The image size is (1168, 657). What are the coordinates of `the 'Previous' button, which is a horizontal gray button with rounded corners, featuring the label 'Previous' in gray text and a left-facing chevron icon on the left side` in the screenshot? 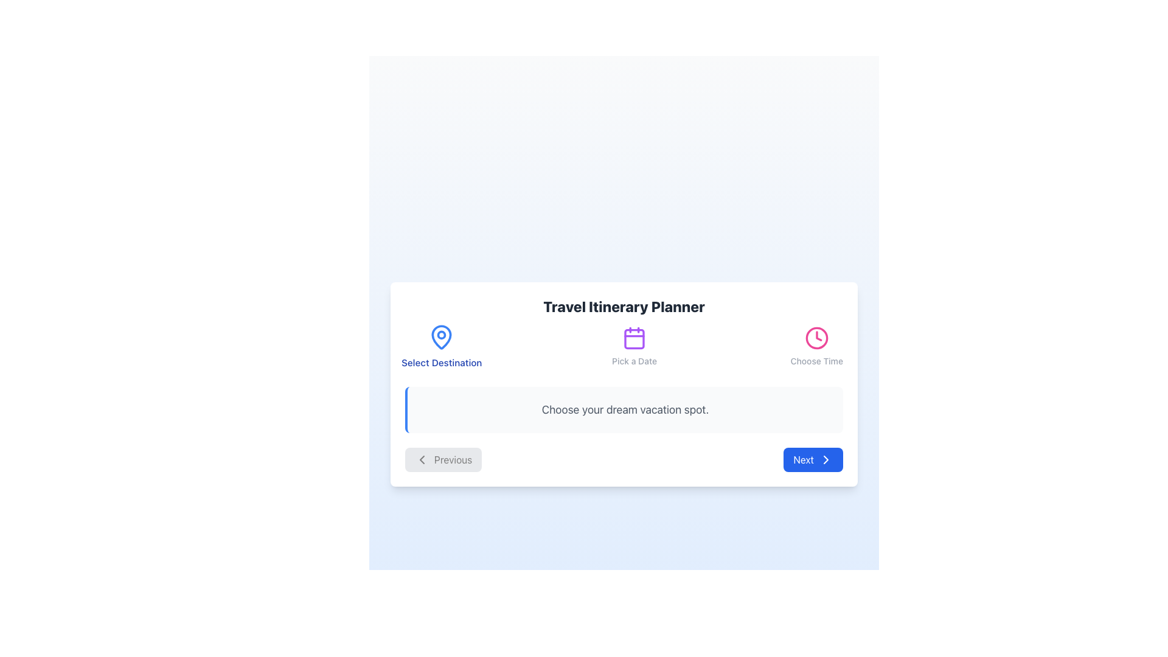 It's located at (443, 460).